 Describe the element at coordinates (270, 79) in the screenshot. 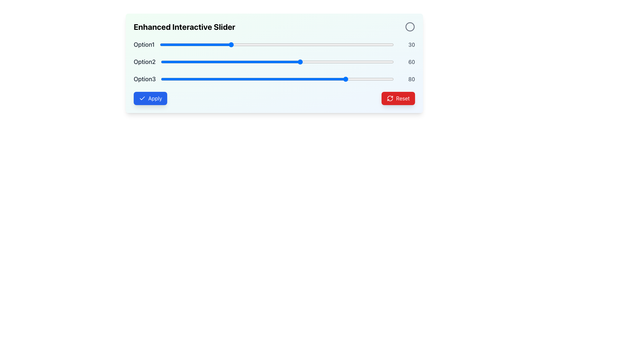

I see `the slider` at that location.